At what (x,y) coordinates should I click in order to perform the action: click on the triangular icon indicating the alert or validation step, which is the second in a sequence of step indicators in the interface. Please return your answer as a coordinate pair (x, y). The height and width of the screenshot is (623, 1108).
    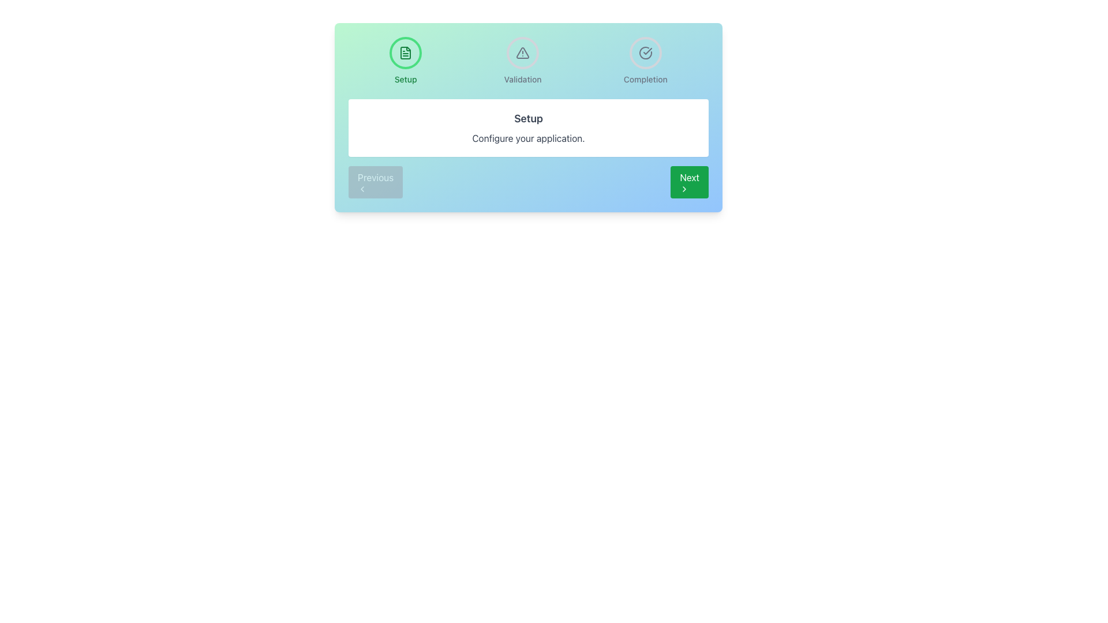
    Looking at the image, I should click on (522, 53).